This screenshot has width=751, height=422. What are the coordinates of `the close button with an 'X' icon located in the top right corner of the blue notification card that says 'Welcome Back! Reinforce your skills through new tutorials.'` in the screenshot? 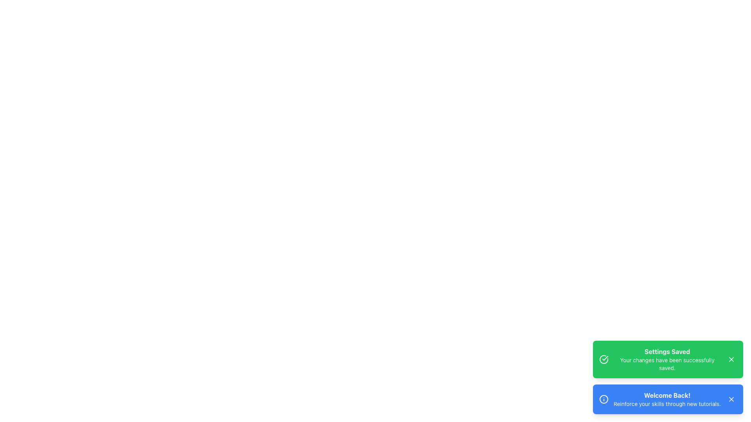 It's located at (731, 399).